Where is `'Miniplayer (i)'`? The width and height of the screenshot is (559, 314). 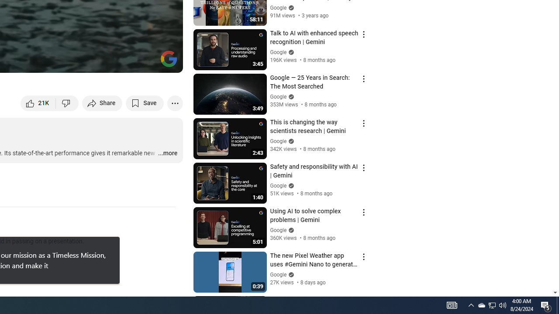
'Miniplayer (i)' is located at coordinates (124, 61).